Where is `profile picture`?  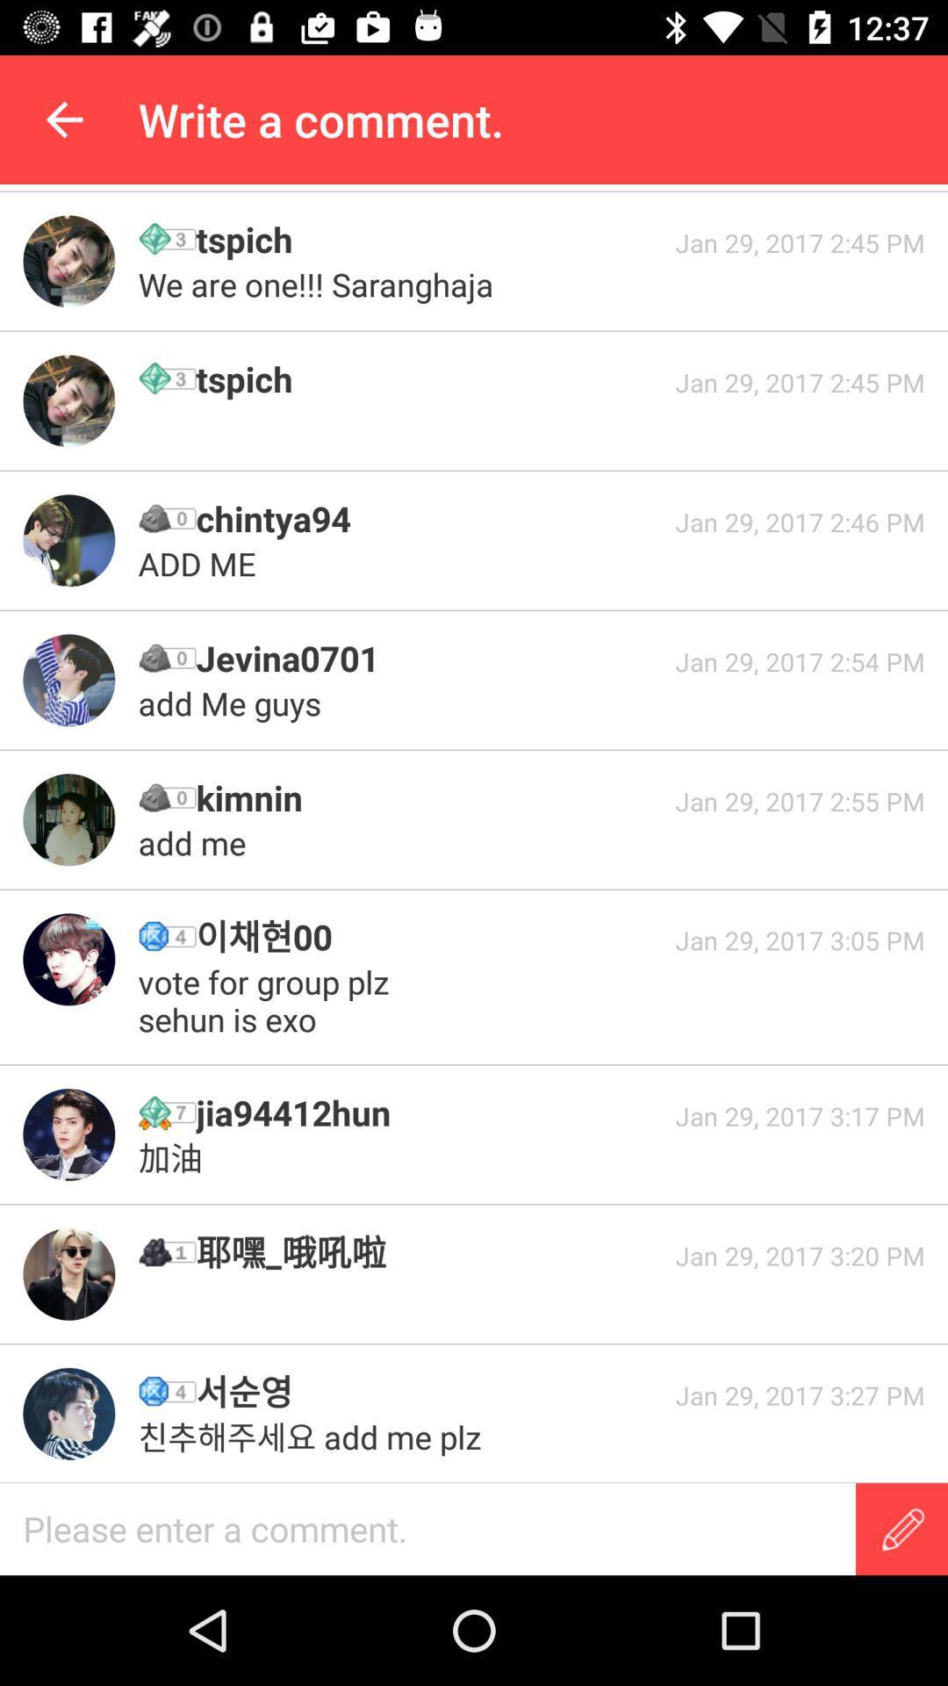 profile picture is located at coordinates (68, 818).